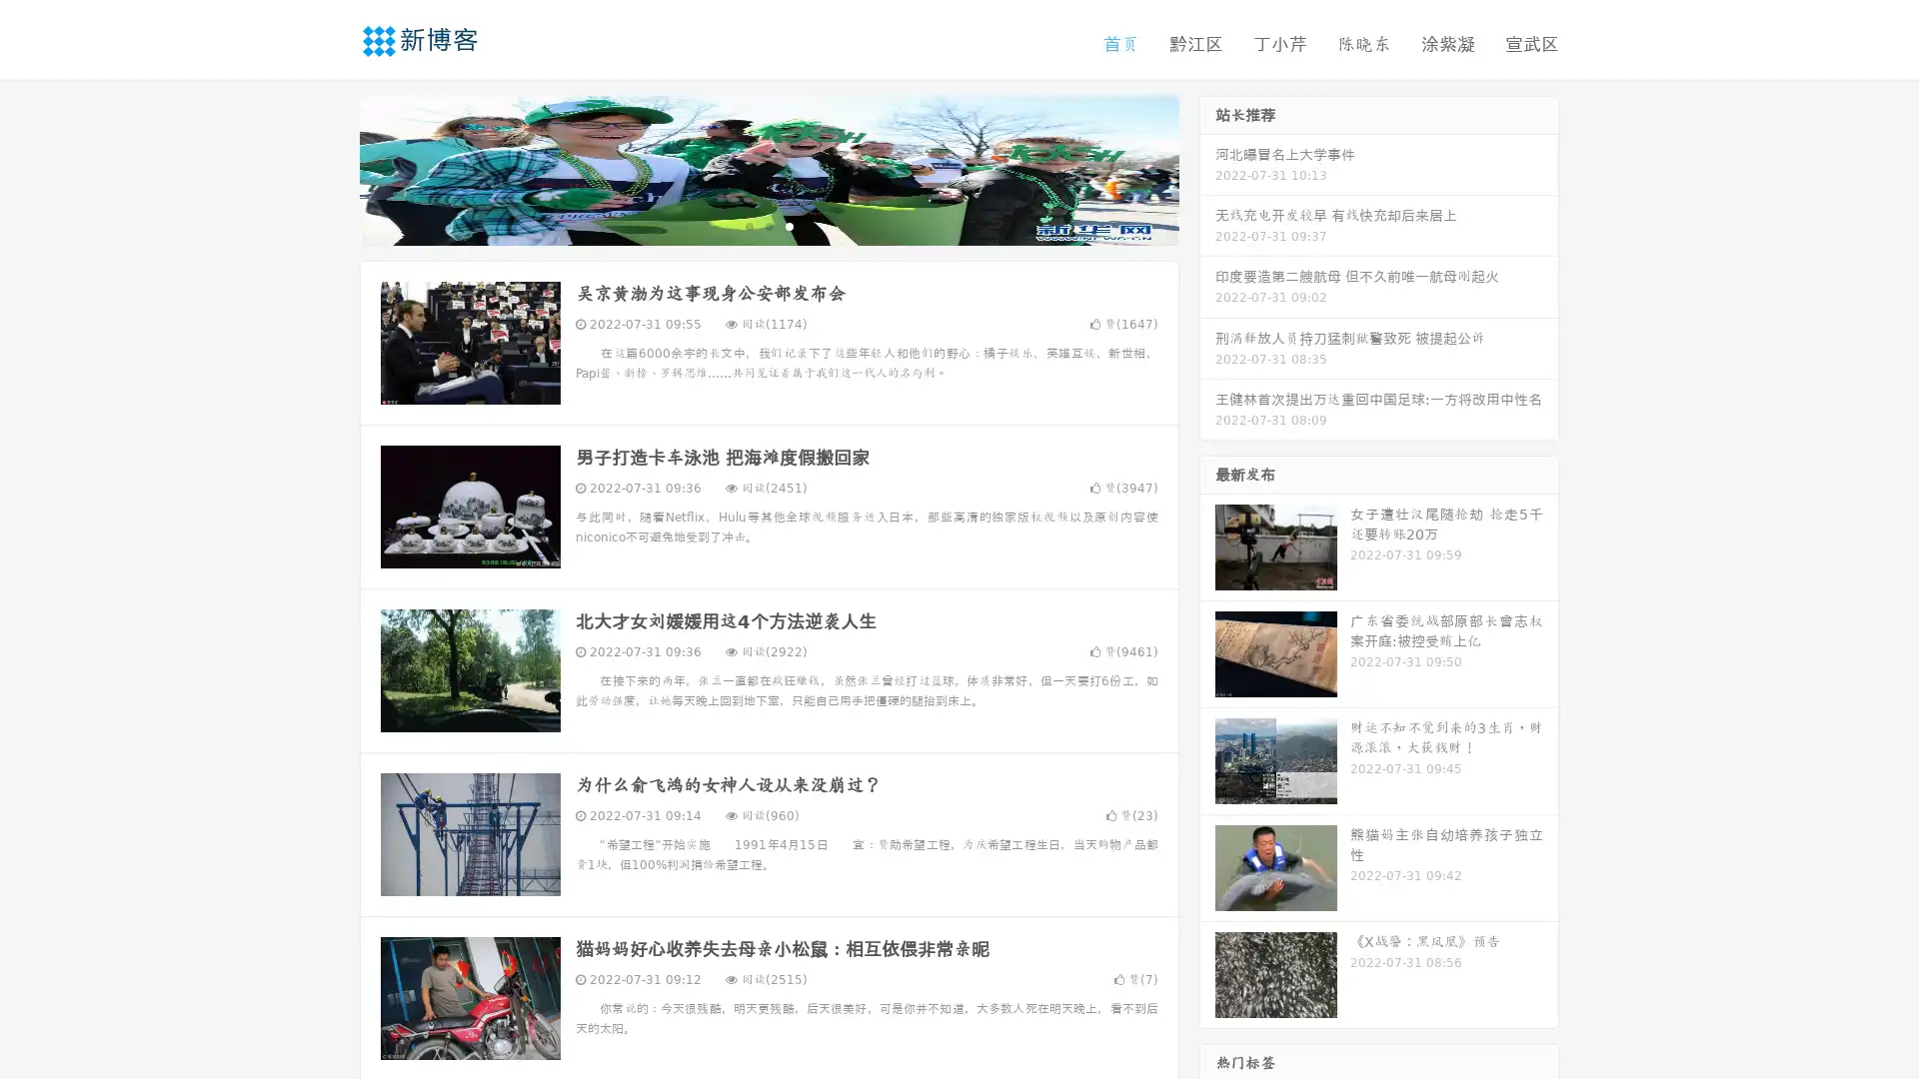 The height and width of the screenshot is (1079, 1919). I want to click on Next slide, so click(1207, 168).